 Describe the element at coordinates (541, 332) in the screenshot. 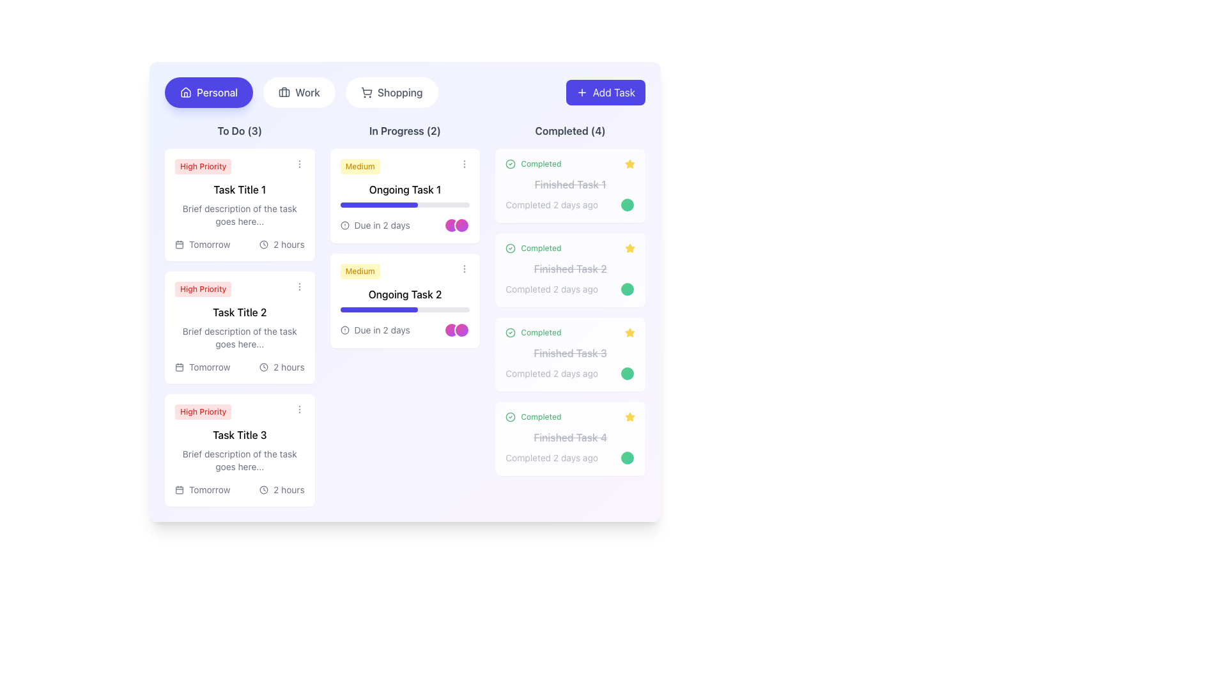

I see `the 'Completed' status text label, which is located to the right of a checkmark icon in the interface's completed section` at that location.